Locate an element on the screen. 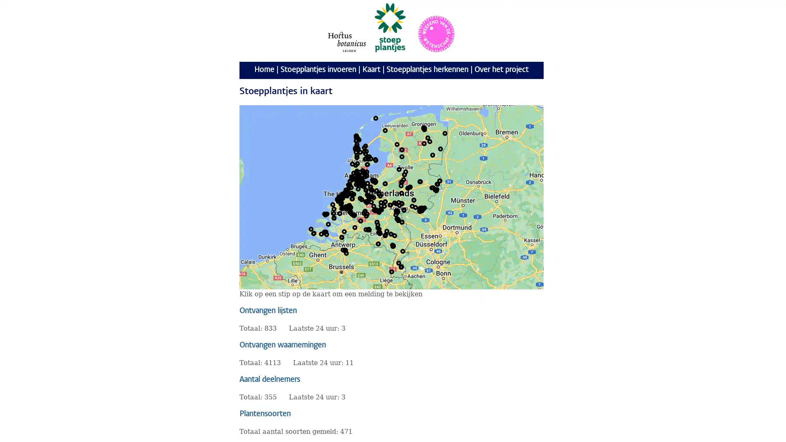 Image resolution: width=786 pixels, height=442 pixels. Telling van H op 30 oktober 2021 is located at coordinates (363, 212).